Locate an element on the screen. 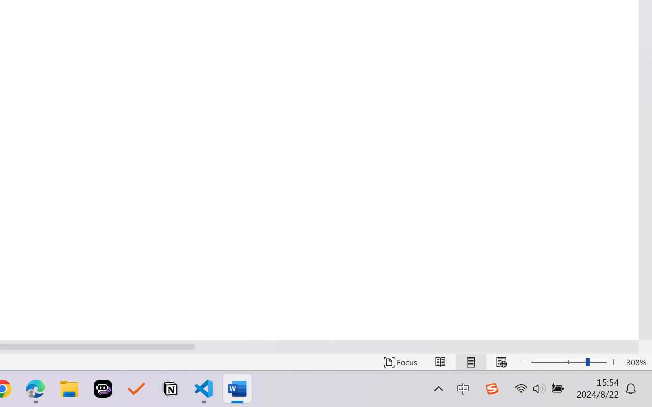 The image size is (652, 407). 'Print Layout' is located at coordinates (470, 362).